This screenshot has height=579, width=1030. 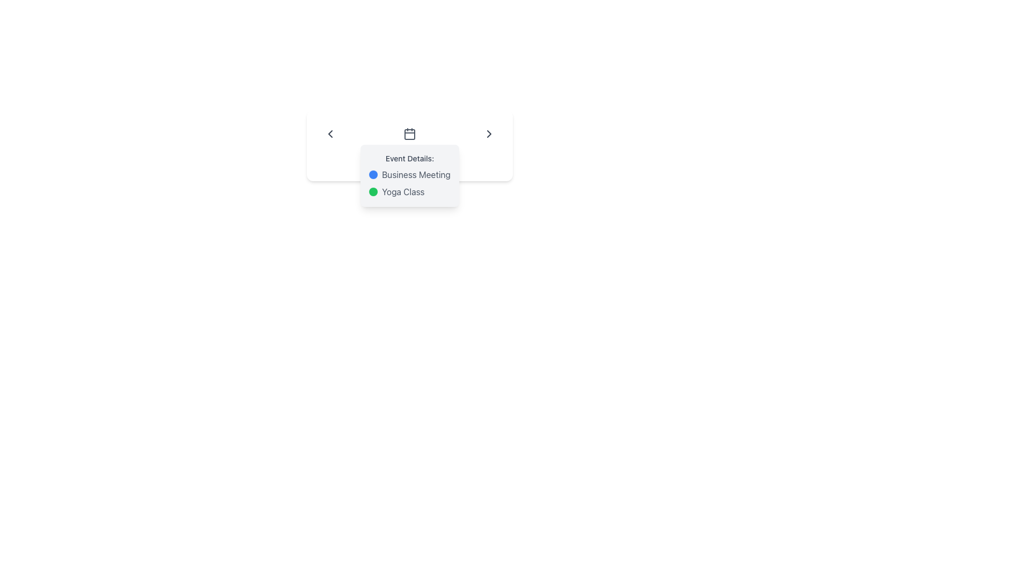 I want to click on the label indicating the 'Yoga Class' event, which is the second item in a vertical list of events, marked by a green circular icon next to it, so click(x=409, y=191).